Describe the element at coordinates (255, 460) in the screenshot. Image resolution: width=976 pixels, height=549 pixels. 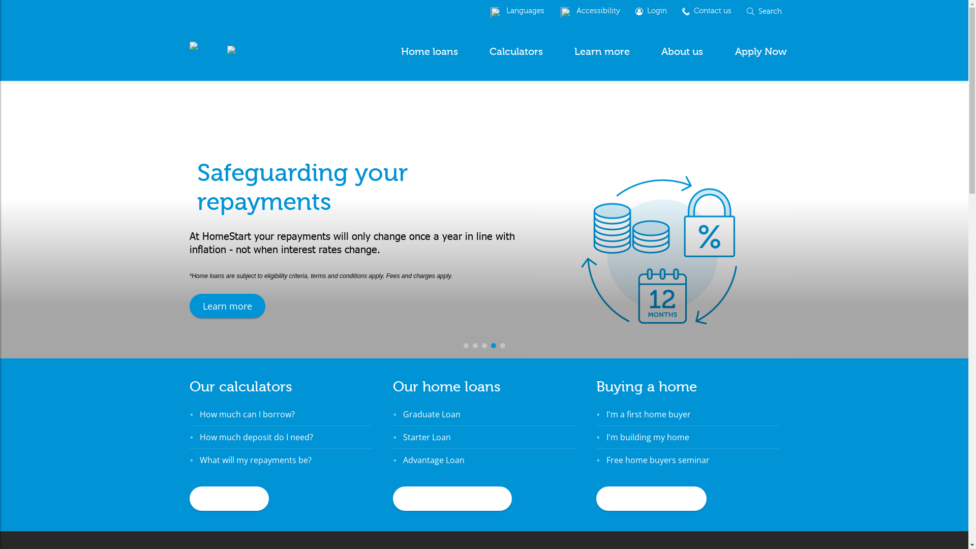
I see `'What will my repayments be?'` at that location.